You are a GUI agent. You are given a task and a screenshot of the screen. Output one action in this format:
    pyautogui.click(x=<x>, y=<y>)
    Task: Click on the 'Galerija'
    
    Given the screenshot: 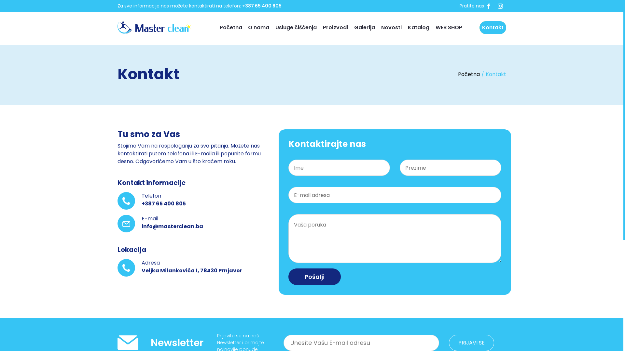 What is the action you would take?
    pyautogui.click(x=364, y=27)
    